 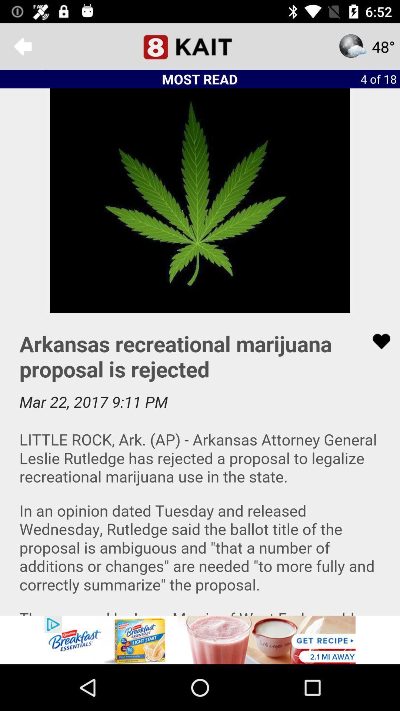 What do you see at coordinates (200, 640) in the screenshot?
I see `advertisement link` at bounding box center [200, 640].